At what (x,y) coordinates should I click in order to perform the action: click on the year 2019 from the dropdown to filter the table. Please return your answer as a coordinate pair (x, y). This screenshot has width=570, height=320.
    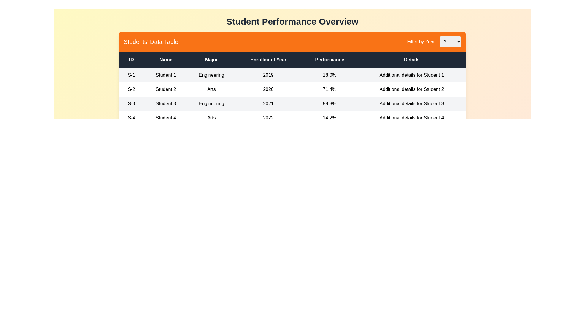
    Looking at the image, I should click on (450, 41).